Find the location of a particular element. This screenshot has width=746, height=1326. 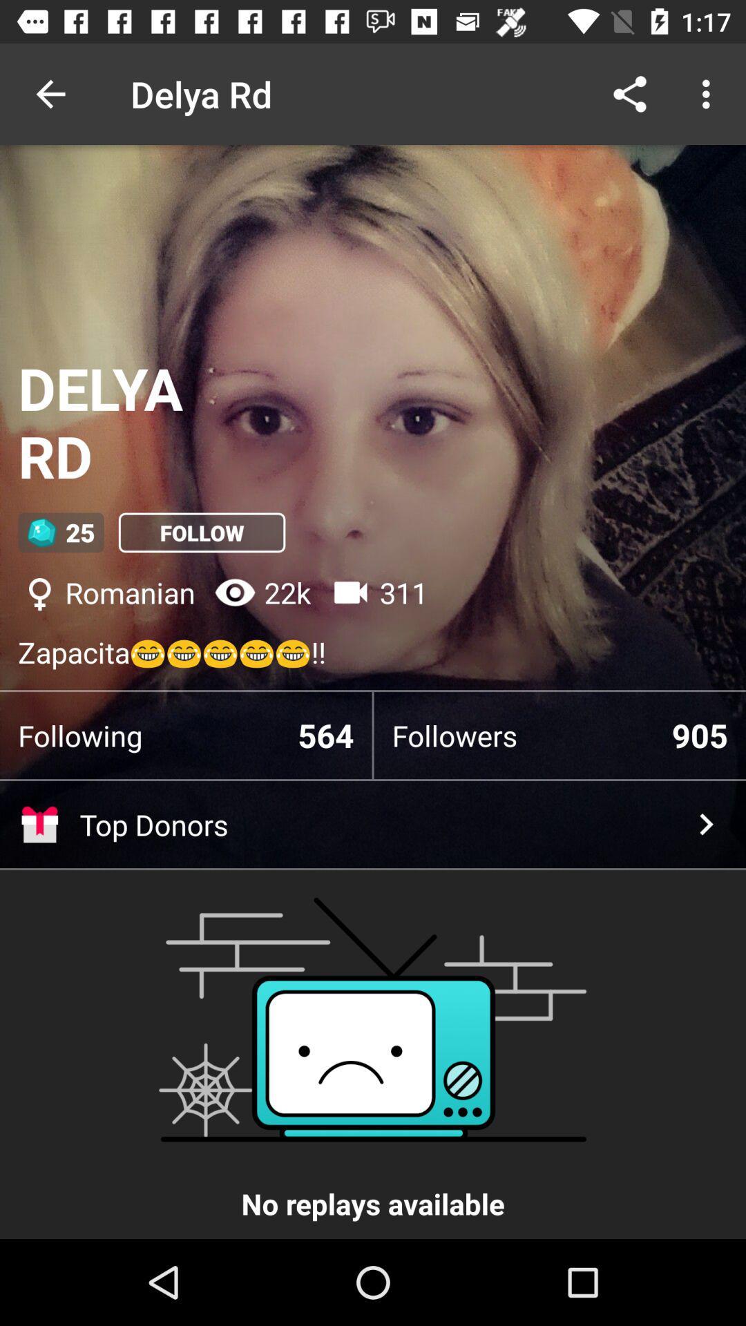

the icon to the right of delya rd icon is located at coordinates (629, 93).